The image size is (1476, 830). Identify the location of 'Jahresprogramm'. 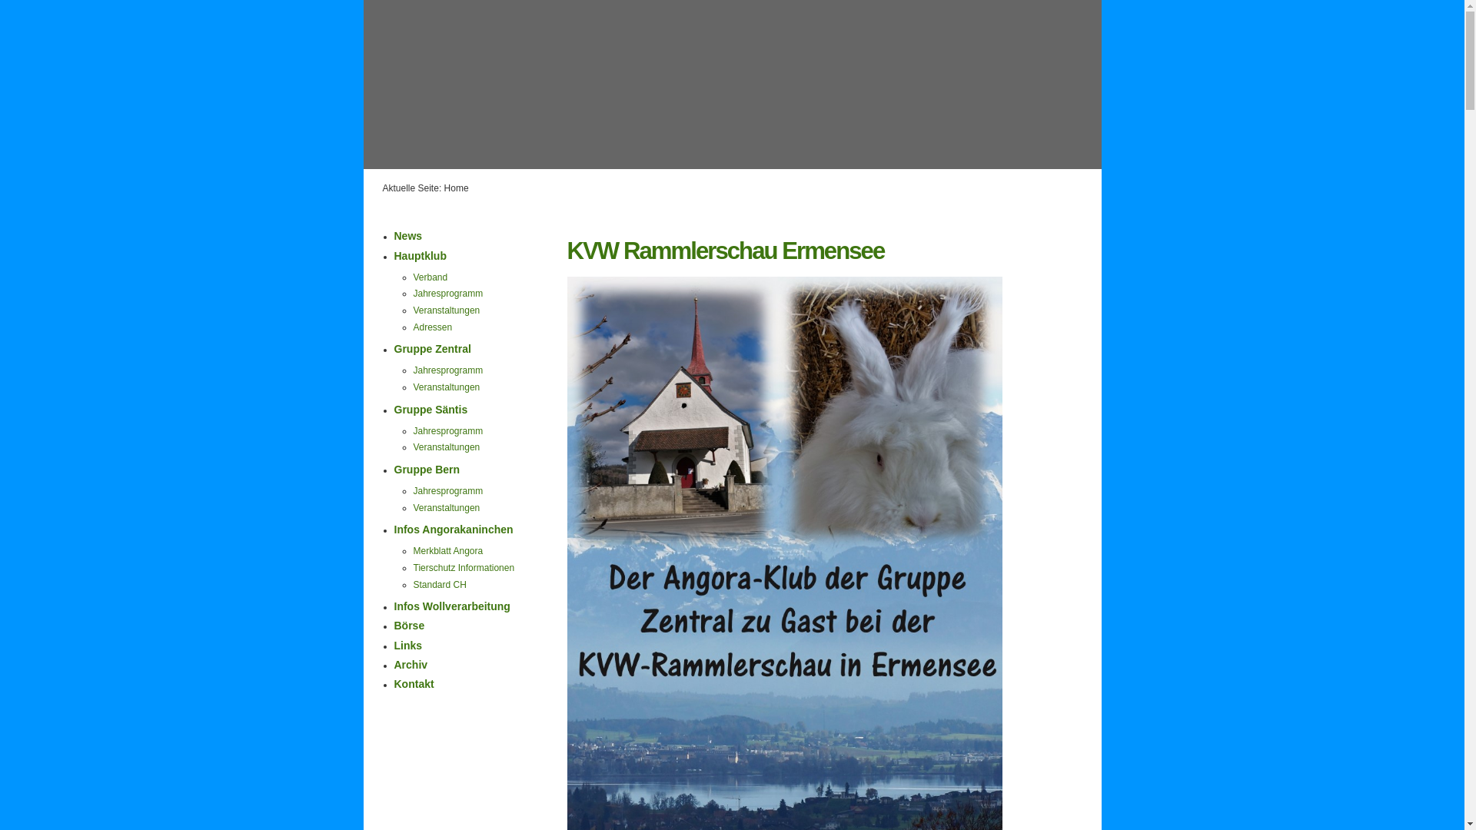
(413, 430).